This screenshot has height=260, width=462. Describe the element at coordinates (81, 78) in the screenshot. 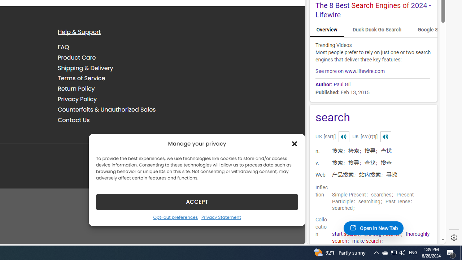

I see `'Terms of Service'` at that location.